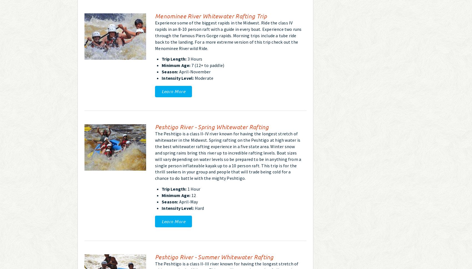 The height and width of the screenshot is (269, 472). What do you see at coordinates (154, 126) in the screenshot?
I see `'Peshtigo River - Spring Whitewater Rafting'` at bounding box center [154, 126].